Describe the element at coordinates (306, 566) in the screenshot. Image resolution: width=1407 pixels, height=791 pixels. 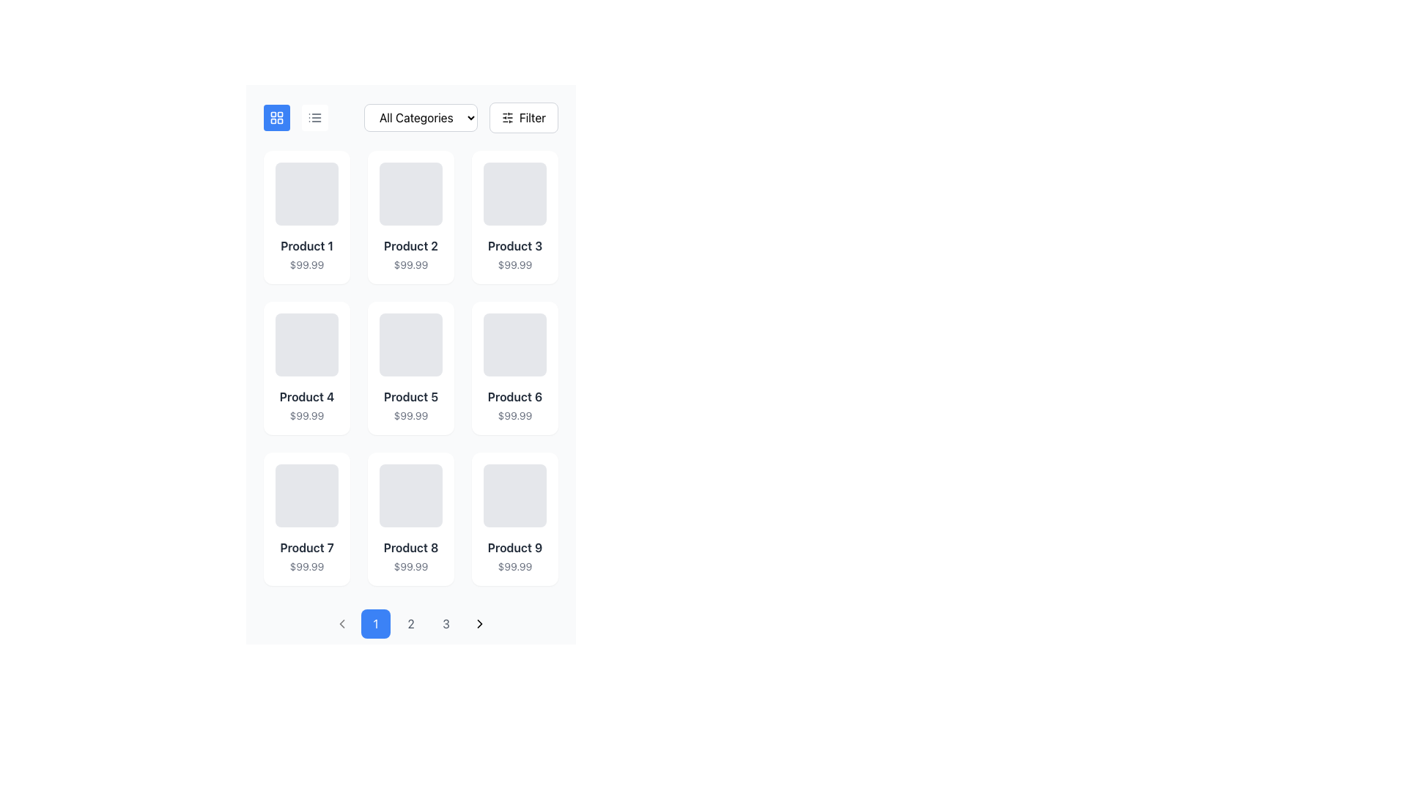
I see `the Text label displaying the price of Product 7, located directly underneath the 'Product 7' title text in the lower section of the card` at that location.